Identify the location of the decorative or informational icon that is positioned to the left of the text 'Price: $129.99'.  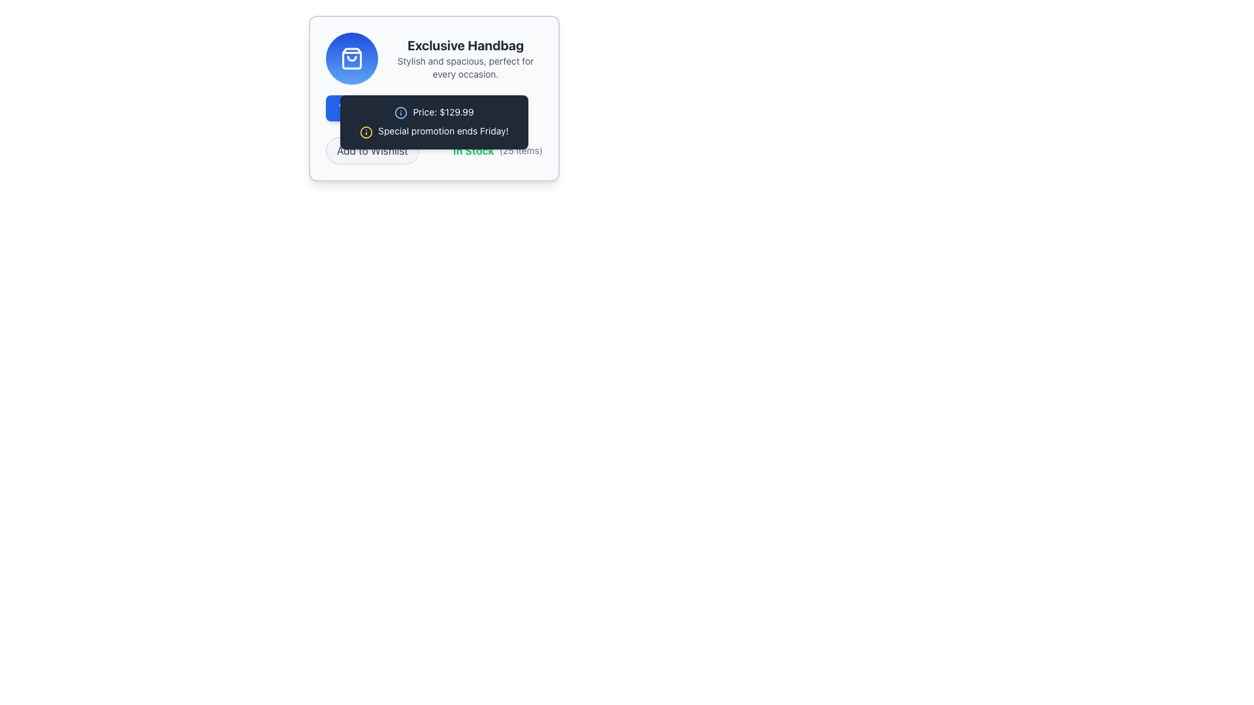
(400, 112).